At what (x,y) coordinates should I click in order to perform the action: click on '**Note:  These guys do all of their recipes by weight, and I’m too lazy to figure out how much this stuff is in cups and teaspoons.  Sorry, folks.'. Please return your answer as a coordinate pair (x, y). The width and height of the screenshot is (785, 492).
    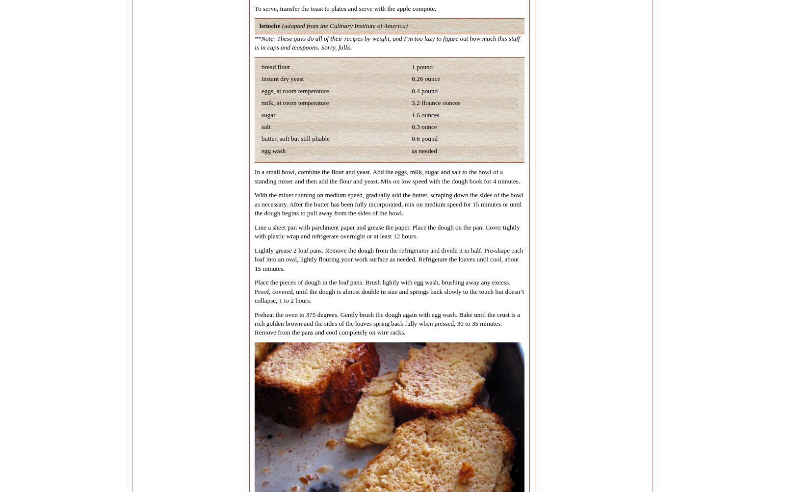
    Looking at the image, I should click on (254, 42).